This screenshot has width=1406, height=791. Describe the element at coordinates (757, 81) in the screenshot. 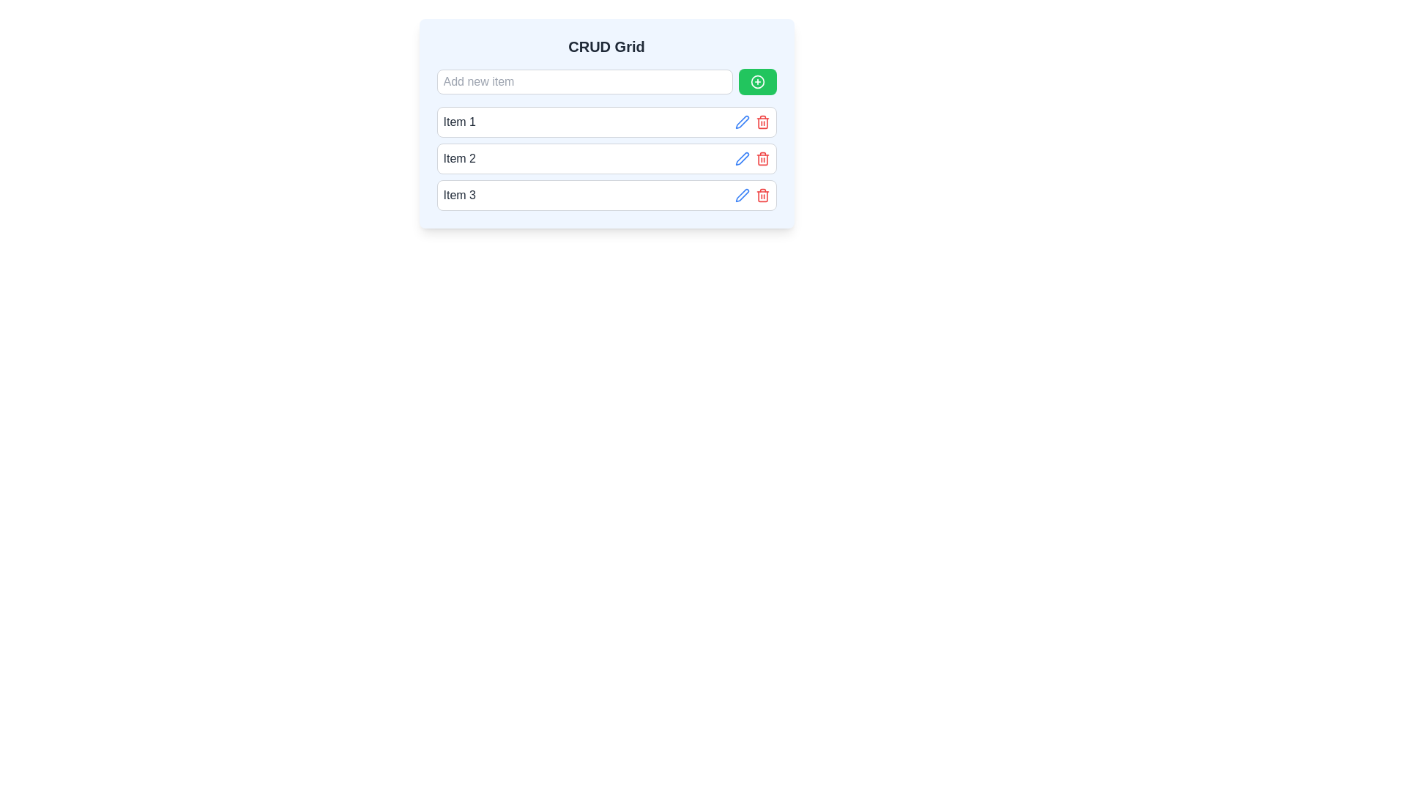

I see `the circular '+' icon embedded within the green button located at the top-right of the 'CRUD Grid' section` at that location.